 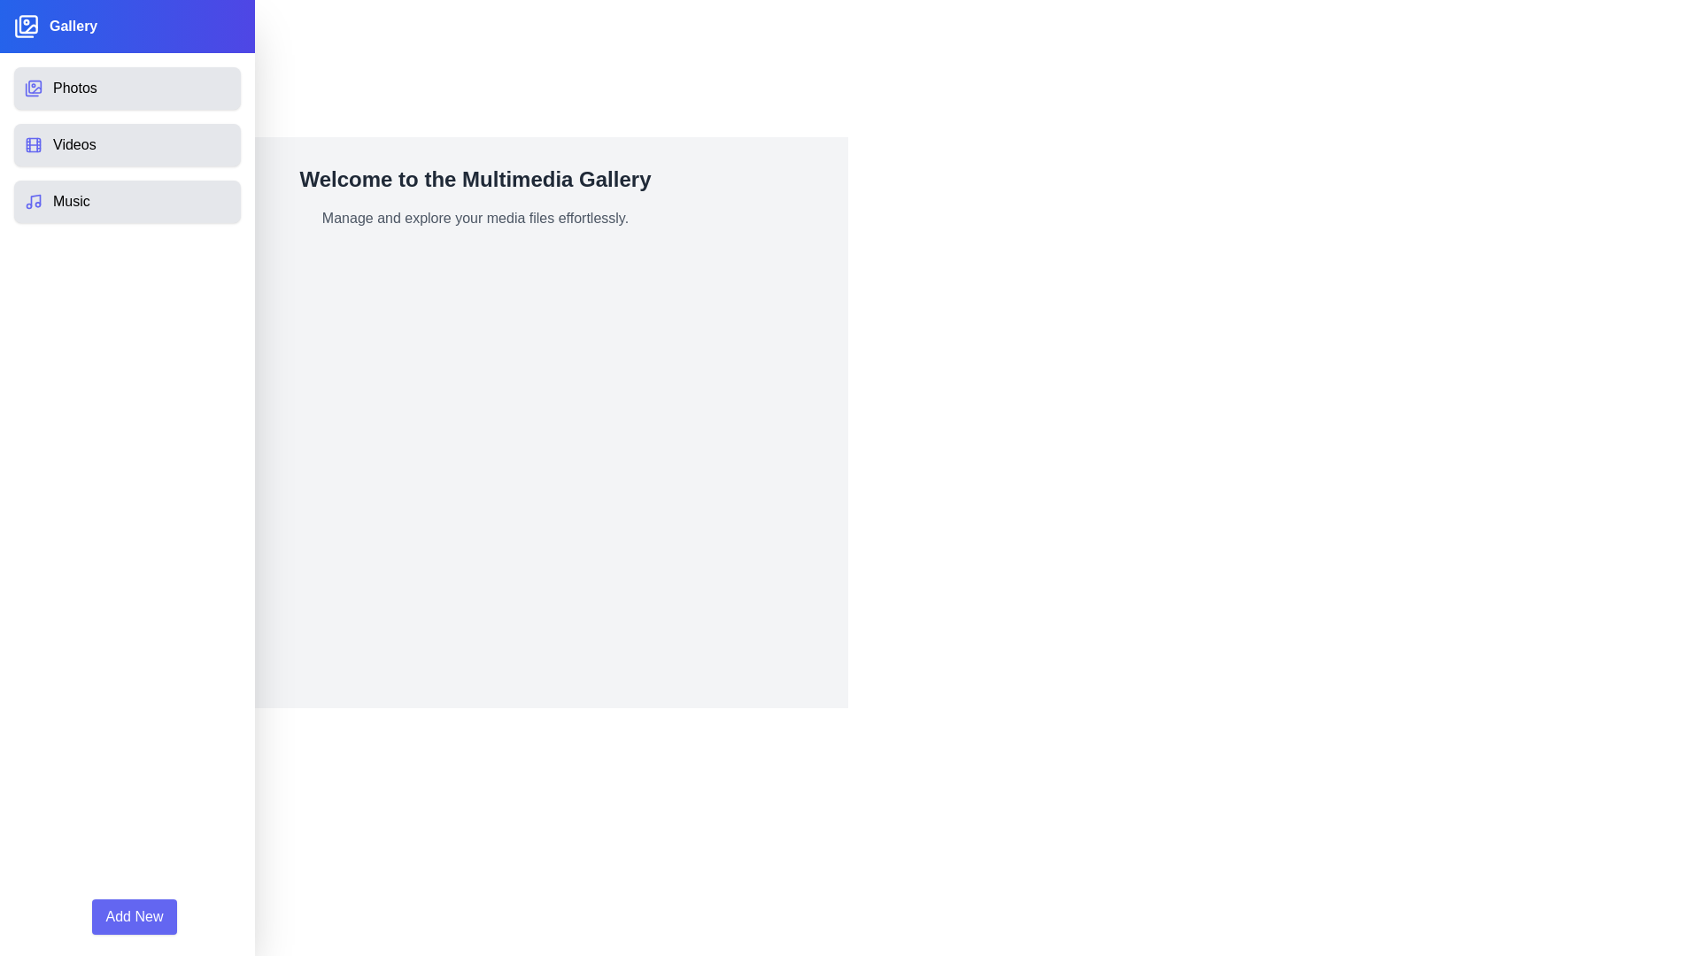 I want to click on the toggle button in the top-left corner to hide the drawer, so click(x=38, y=38).